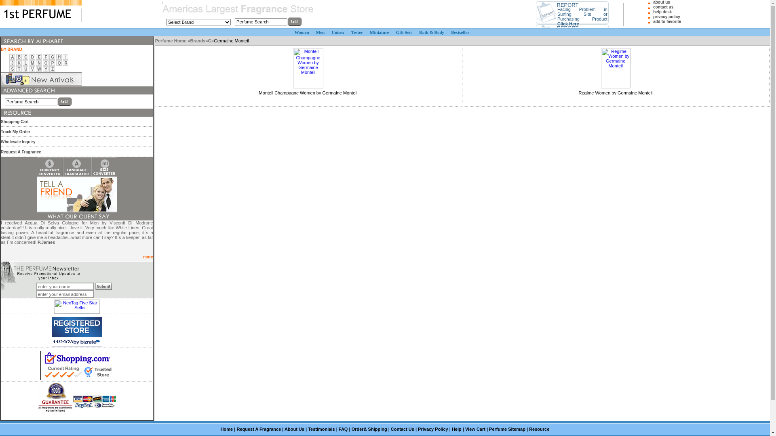 The width and height of the screenshot is (776, 436). I want to click on 'spa scents', so click(155, 45).